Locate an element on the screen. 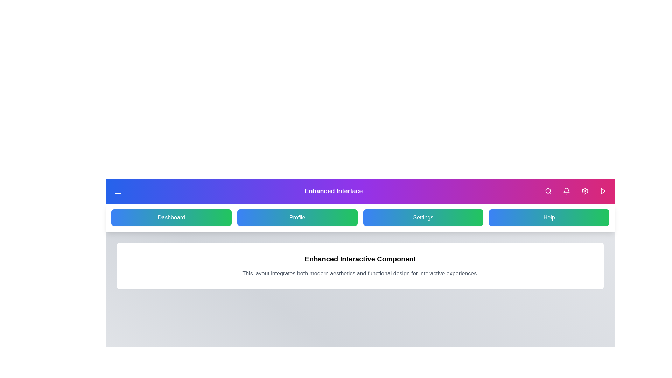  the 'Help' navigation button is located at coordinates (549, 217).